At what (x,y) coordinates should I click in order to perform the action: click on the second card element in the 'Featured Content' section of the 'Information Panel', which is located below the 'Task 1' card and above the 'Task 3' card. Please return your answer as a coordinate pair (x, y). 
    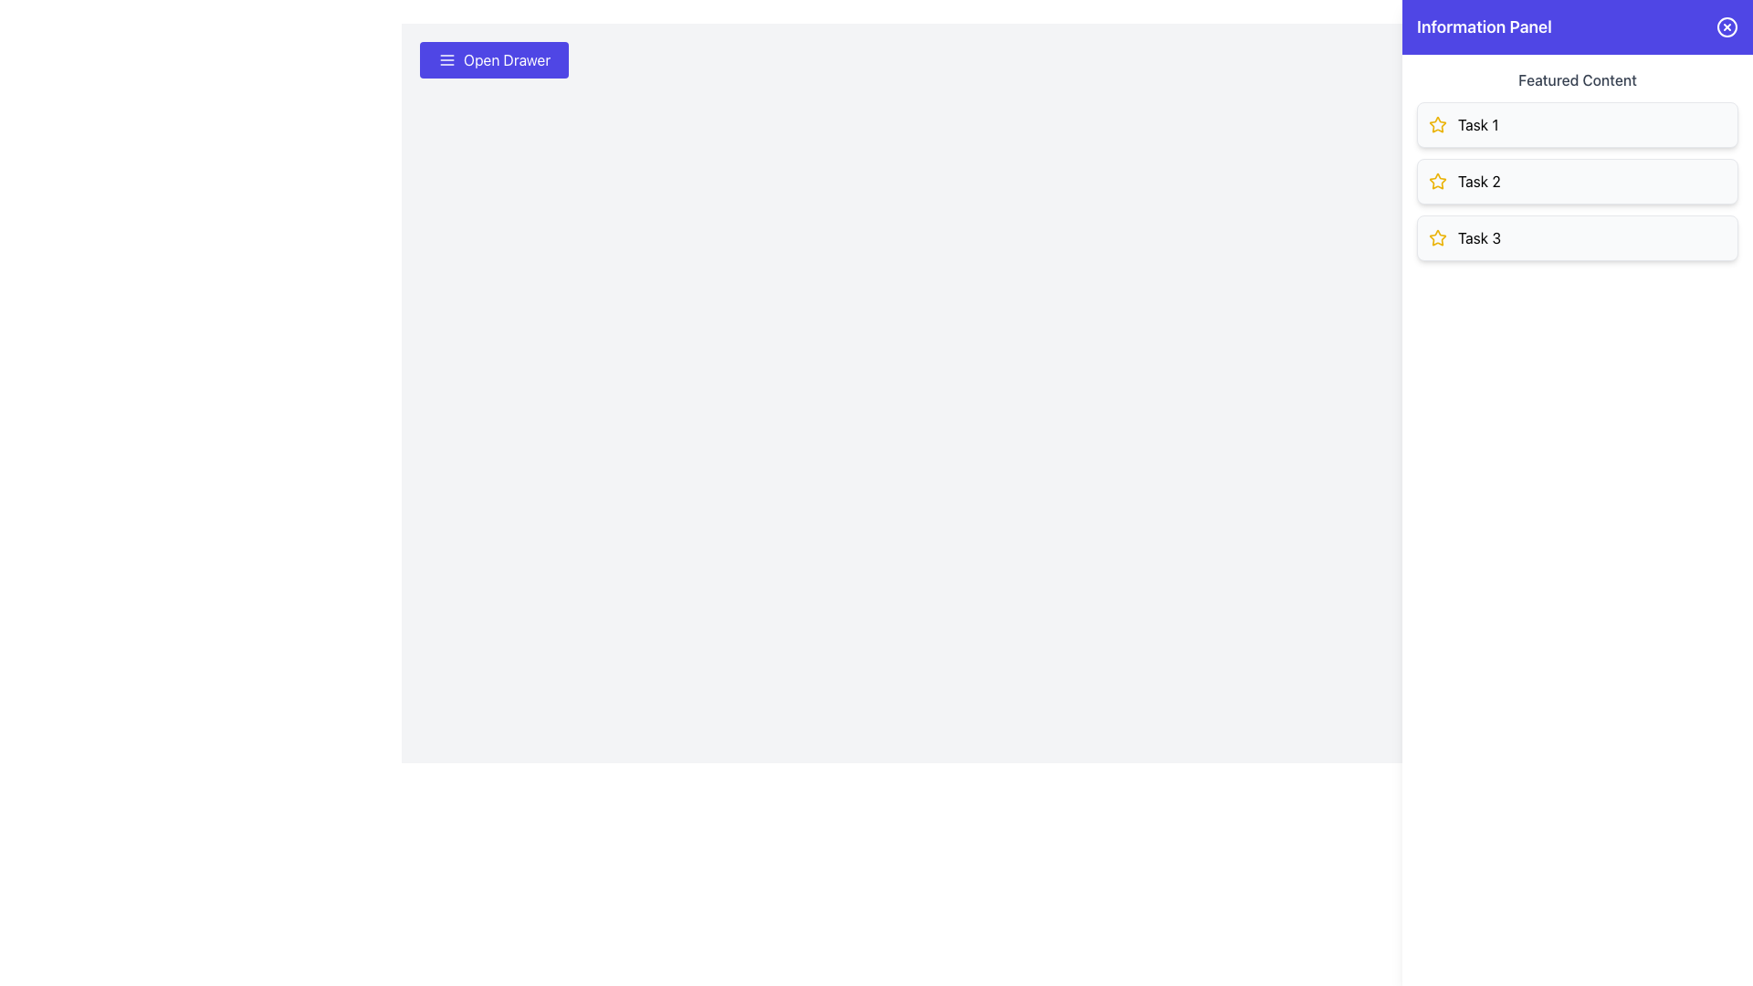
    Looking at the image, I should click on (1577, 182).